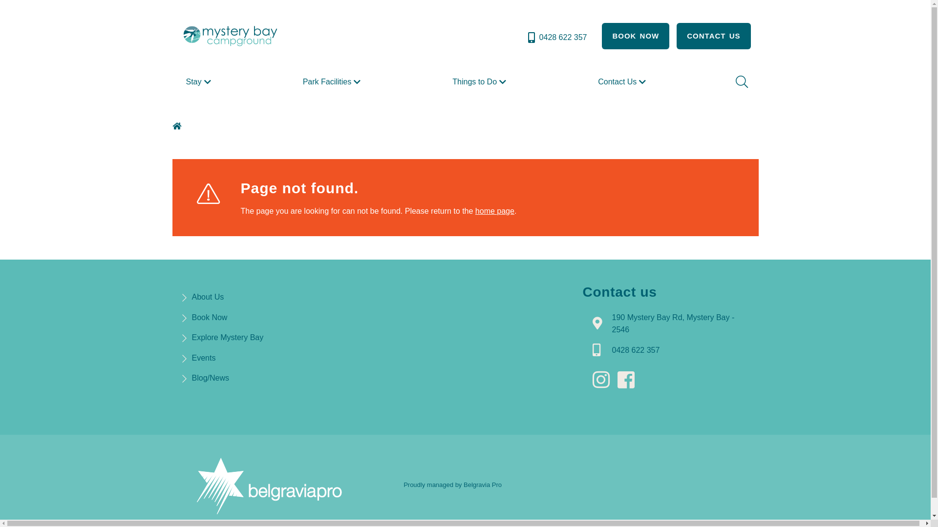 The image size is (938, 527). I want to click on 'About Us', so click(207, 296).